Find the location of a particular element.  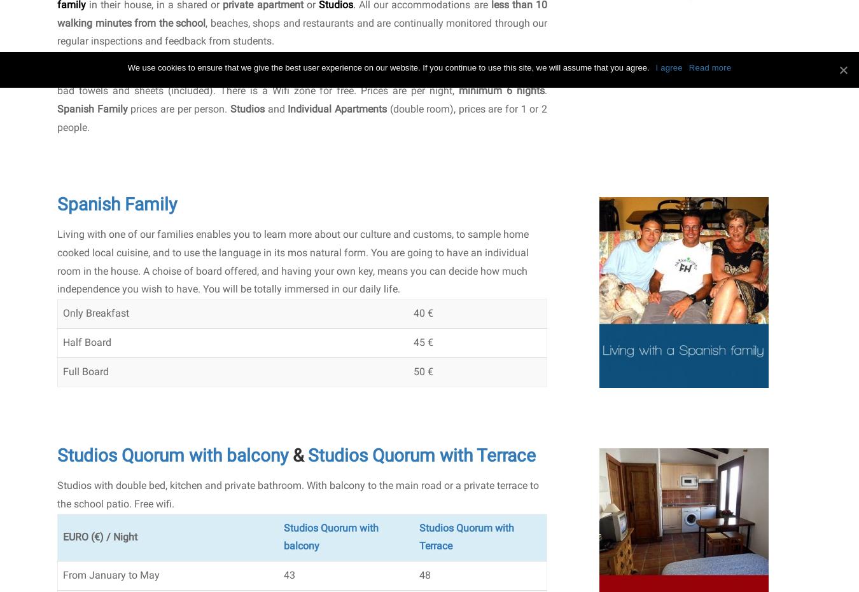

'minimum 6 nights' is located at coordinates (501, 89).